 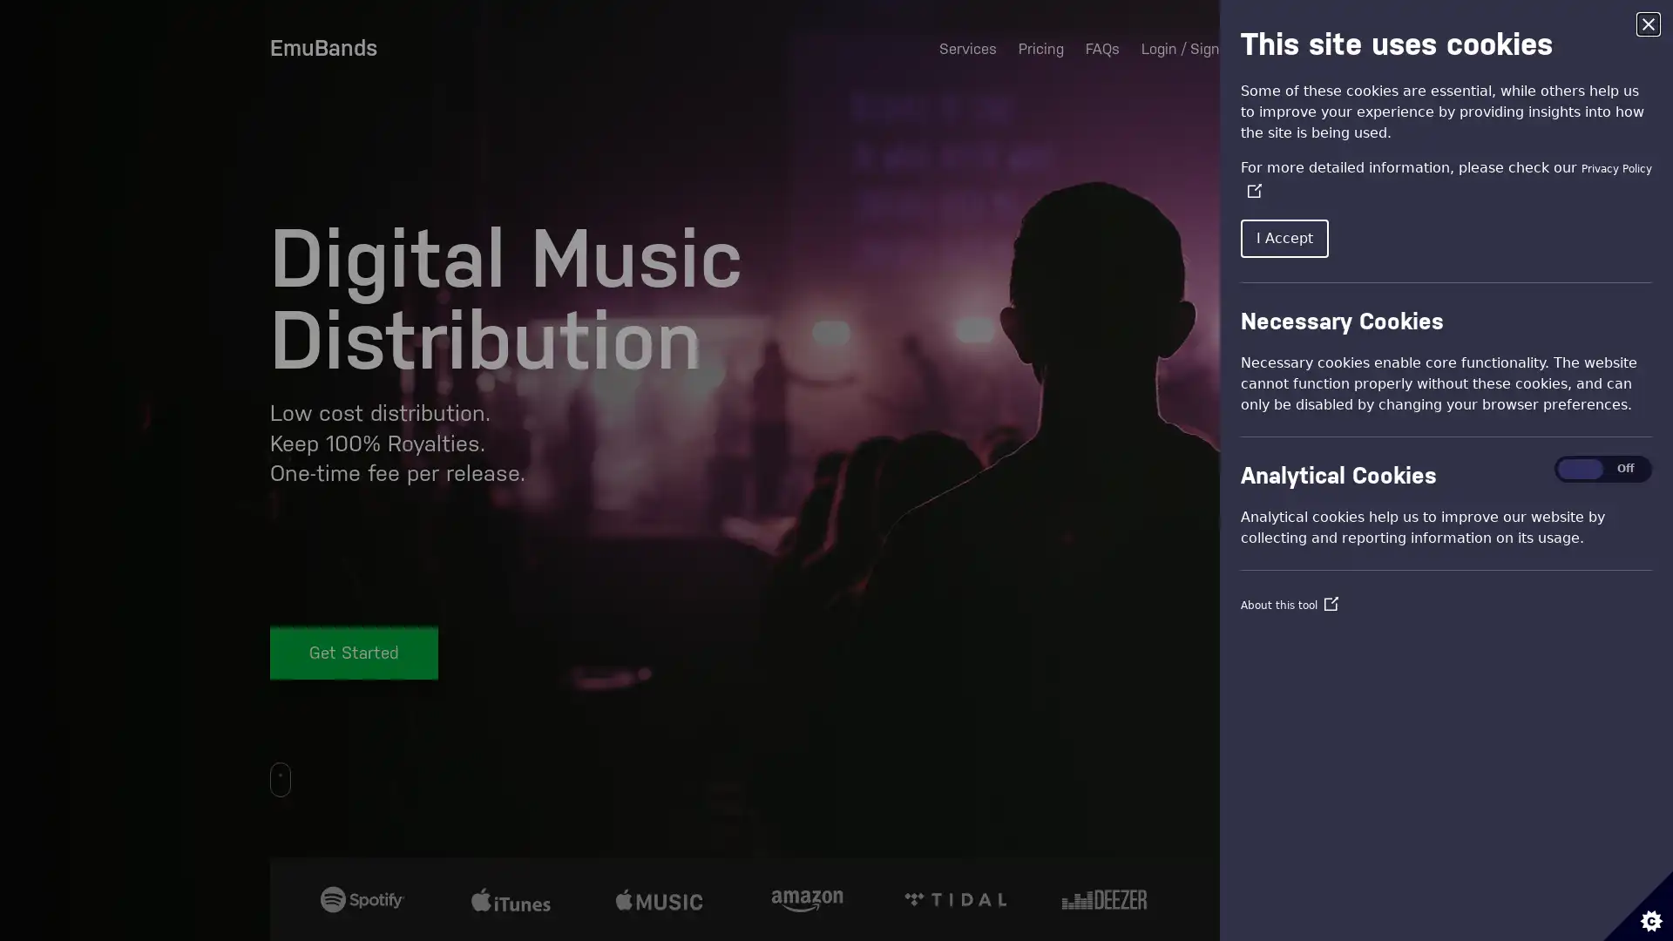 I want to click on I Accept, so click(x=1284, y=238).